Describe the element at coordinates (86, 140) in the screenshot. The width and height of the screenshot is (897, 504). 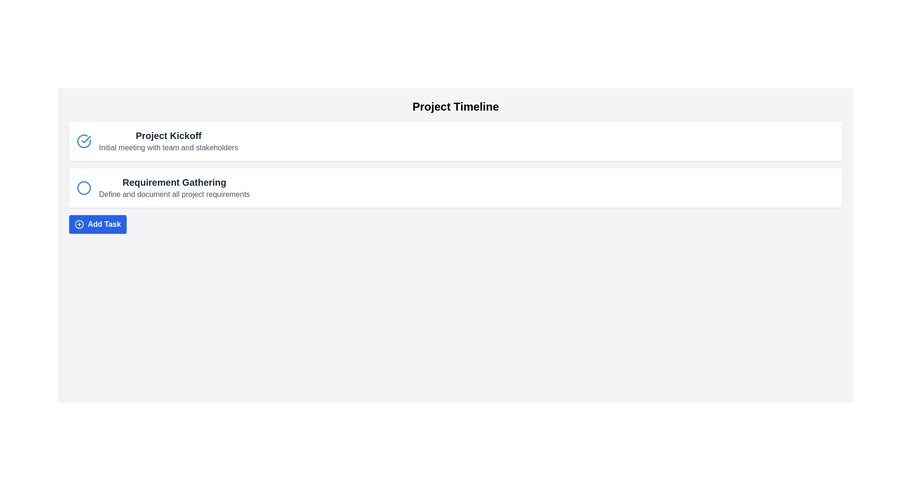
I see `the checkmark icon with a thin blue stroke located to the left of the text 'Project Kickoff' in the task list` at that location.